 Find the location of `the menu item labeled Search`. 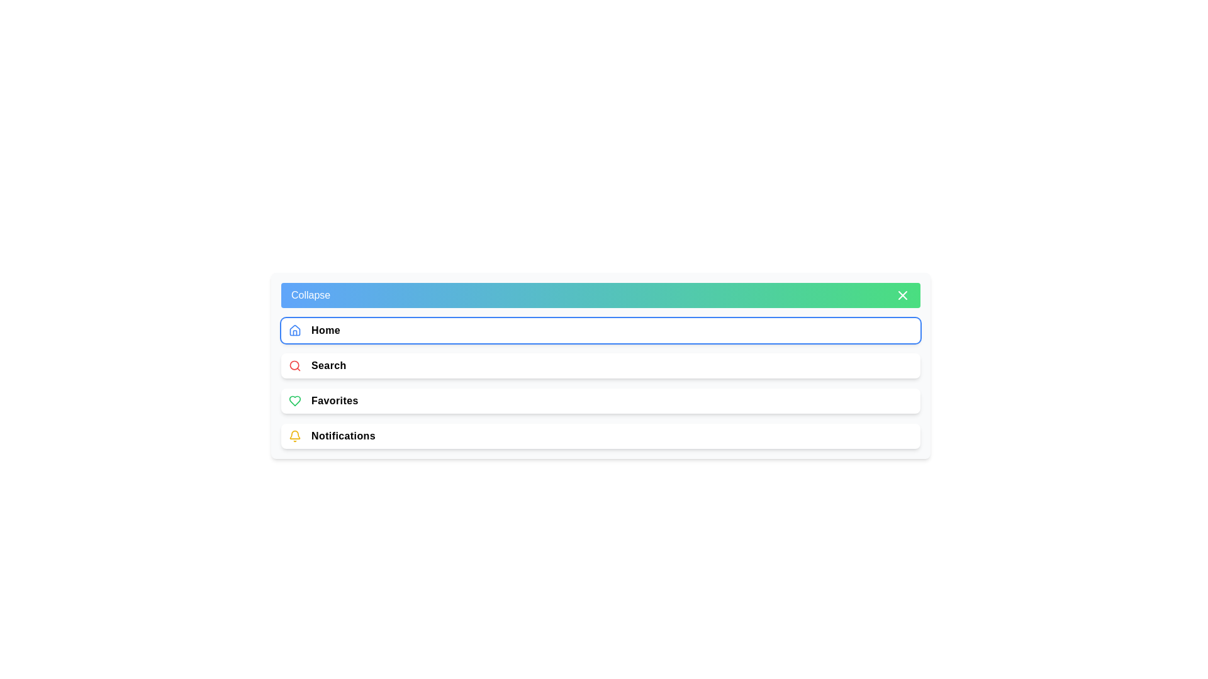

the menu item labeled Search is located at coordinates (600, 366).